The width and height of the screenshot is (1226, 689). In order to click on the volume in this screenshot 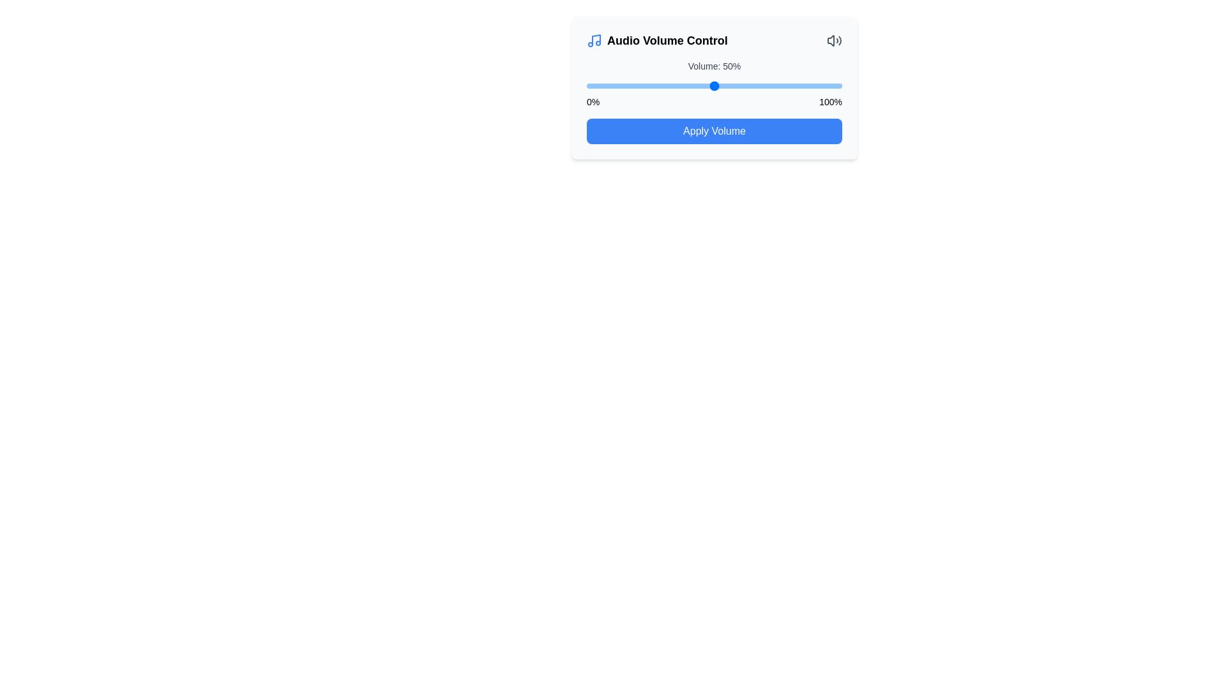, I will do `click(717, 86)`.